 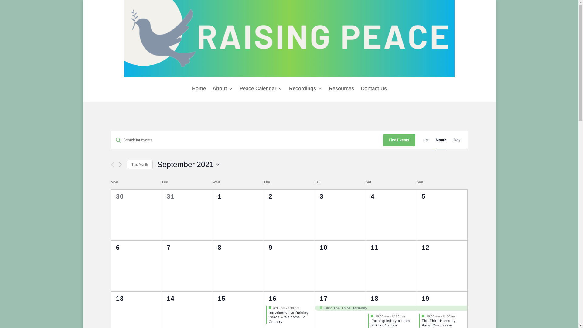 I want to click on '18', so click(x=374, y=298).